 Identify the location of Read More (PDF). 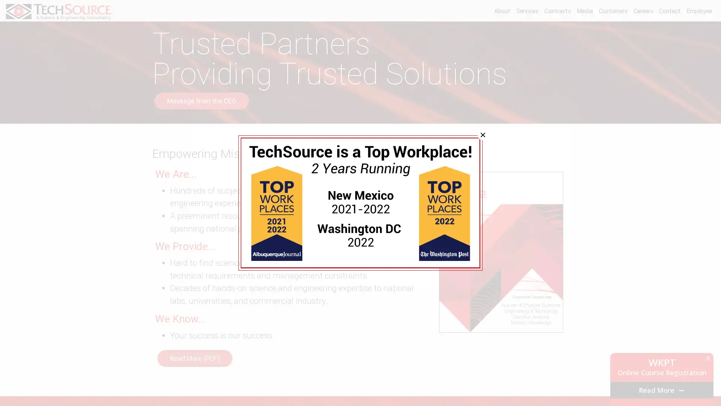
(195, 358).